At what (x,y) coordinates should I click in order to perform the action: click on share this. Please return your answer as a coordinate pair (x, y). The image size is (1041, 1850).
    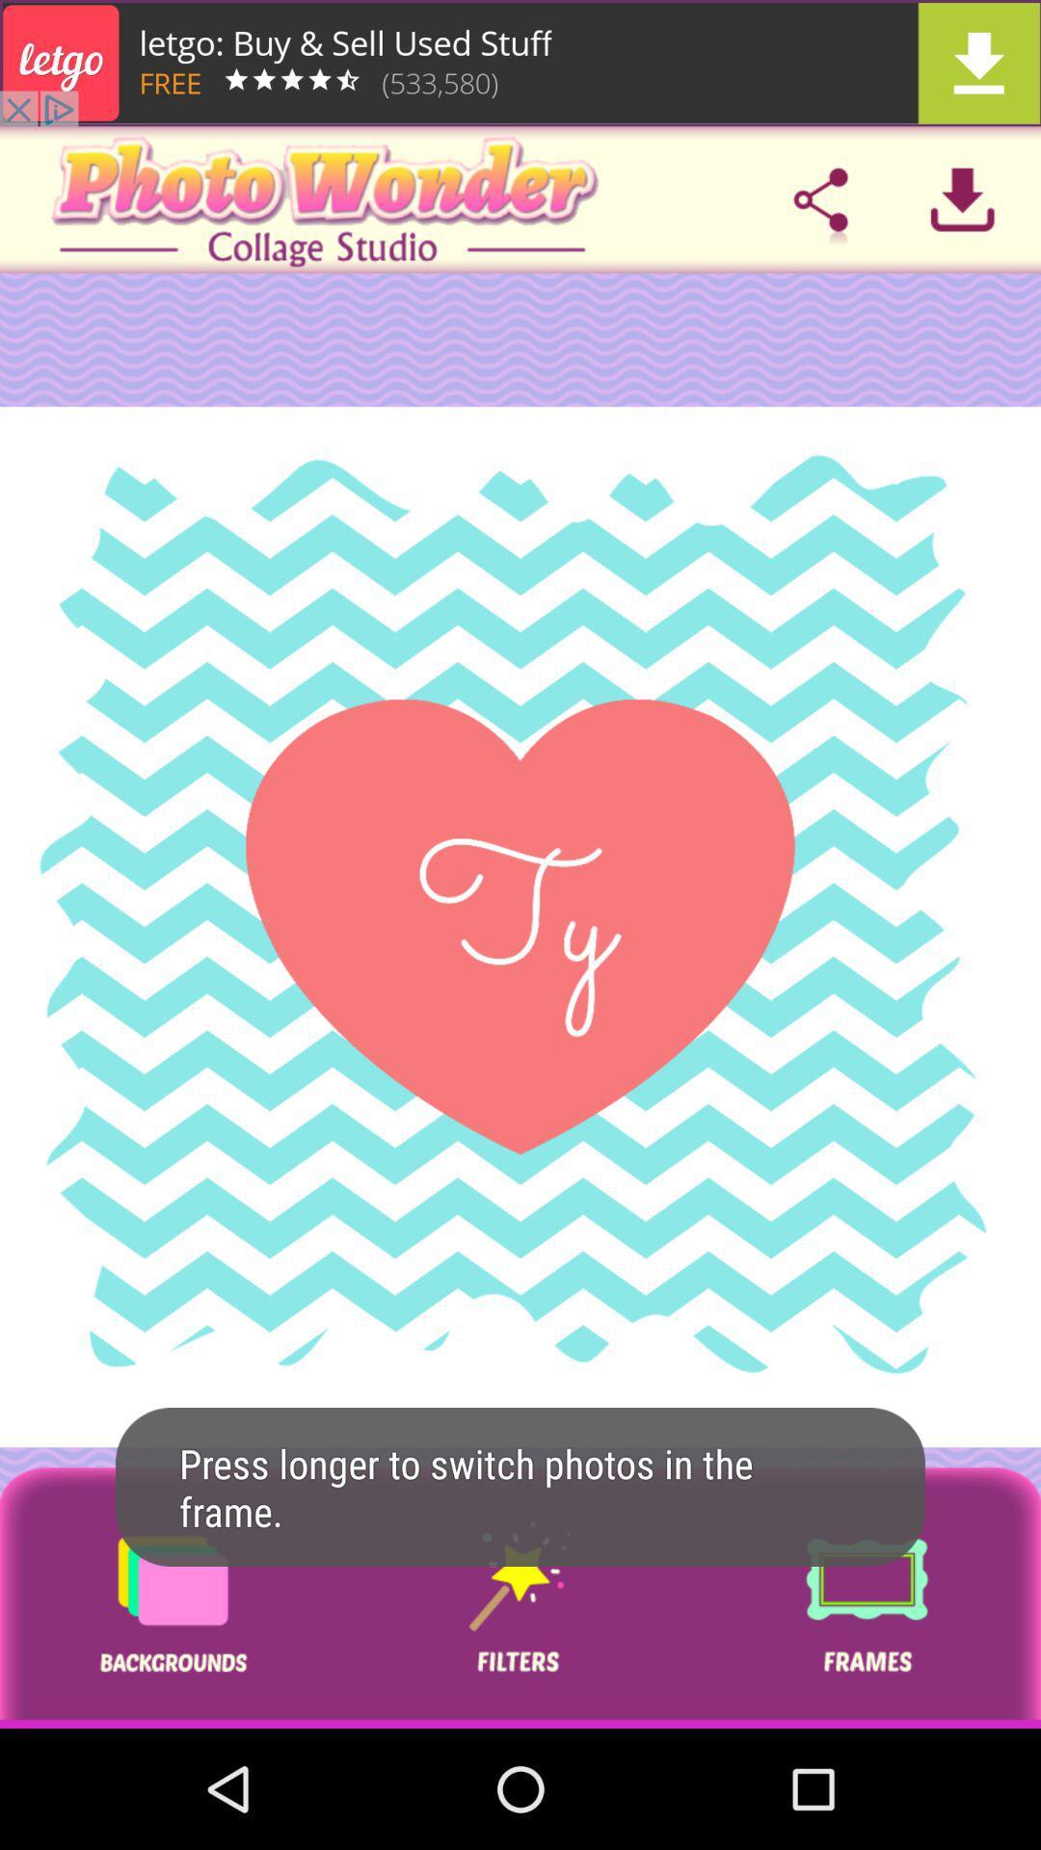
    Looking at the image, I should click on (820, 199).